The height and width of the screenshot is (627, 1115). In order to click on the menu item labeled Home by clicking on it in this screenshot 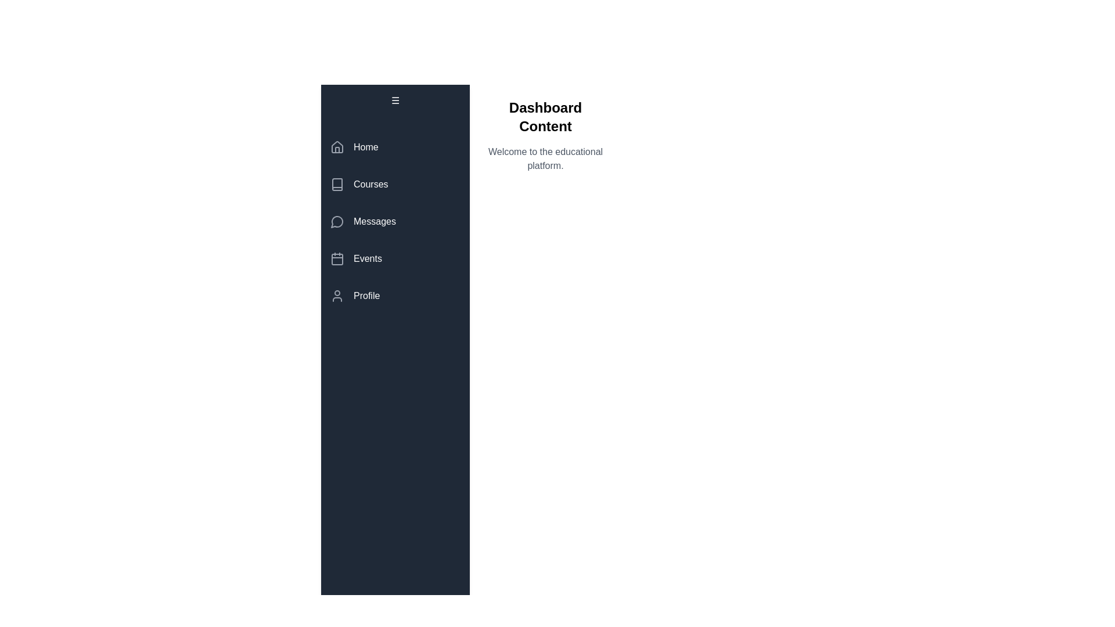, I will do `click(395, 147)`.